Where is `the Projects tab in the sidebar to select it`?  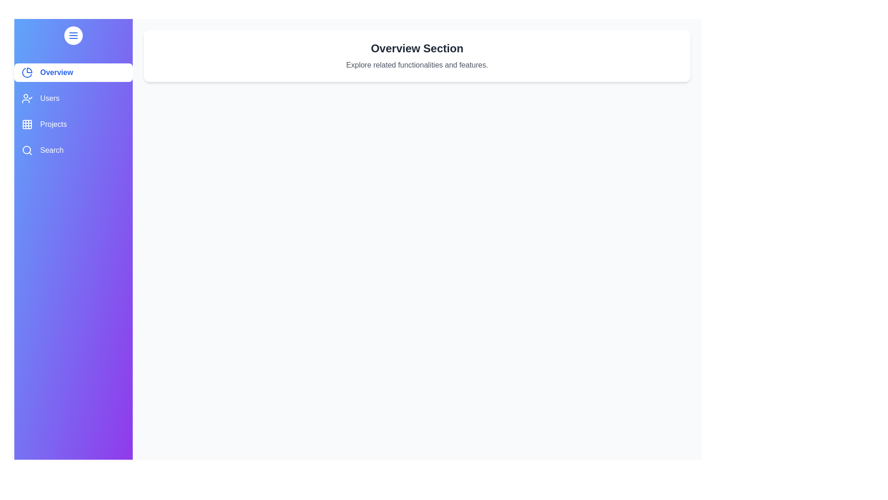 the Projects tab in the sidebar to select it is located at coordinates (73, 124).